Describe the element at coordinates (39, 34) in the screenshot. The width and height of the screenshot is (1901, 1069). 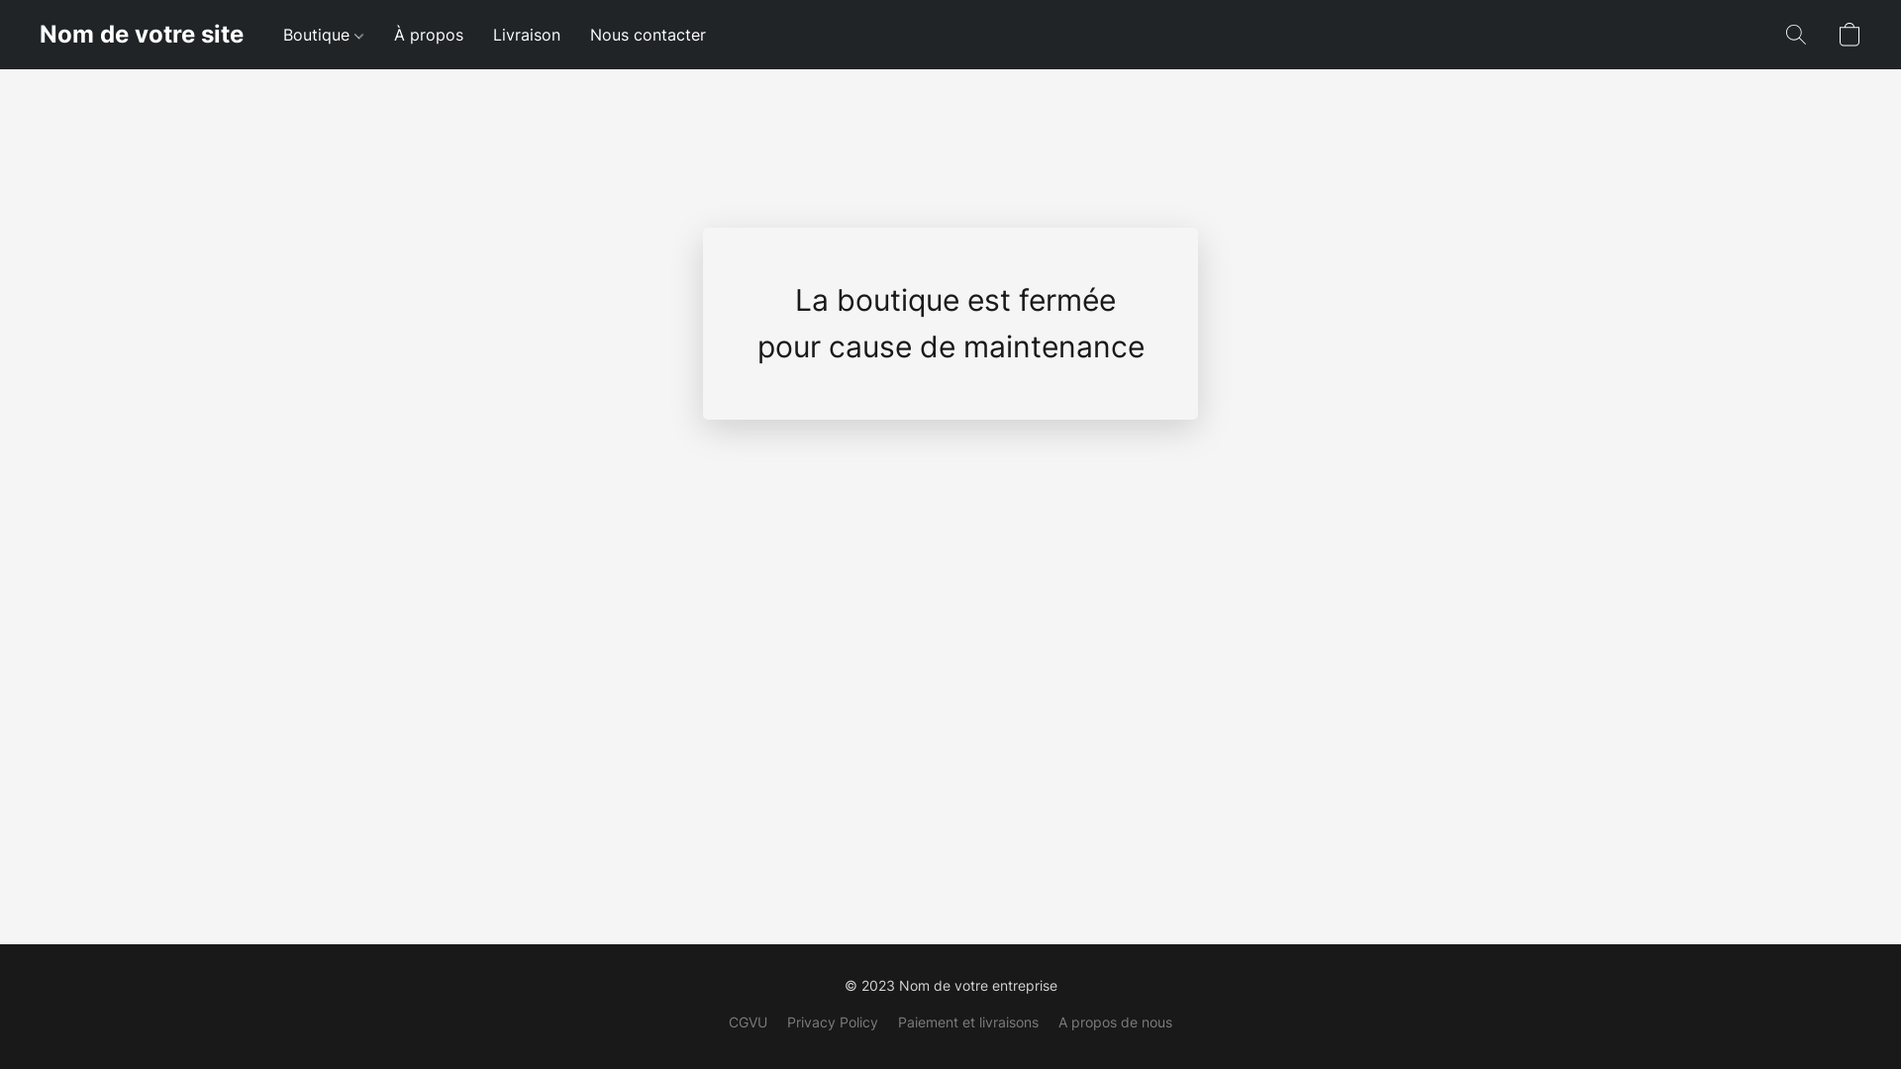
I see `'Nom de votre site'` at that location.